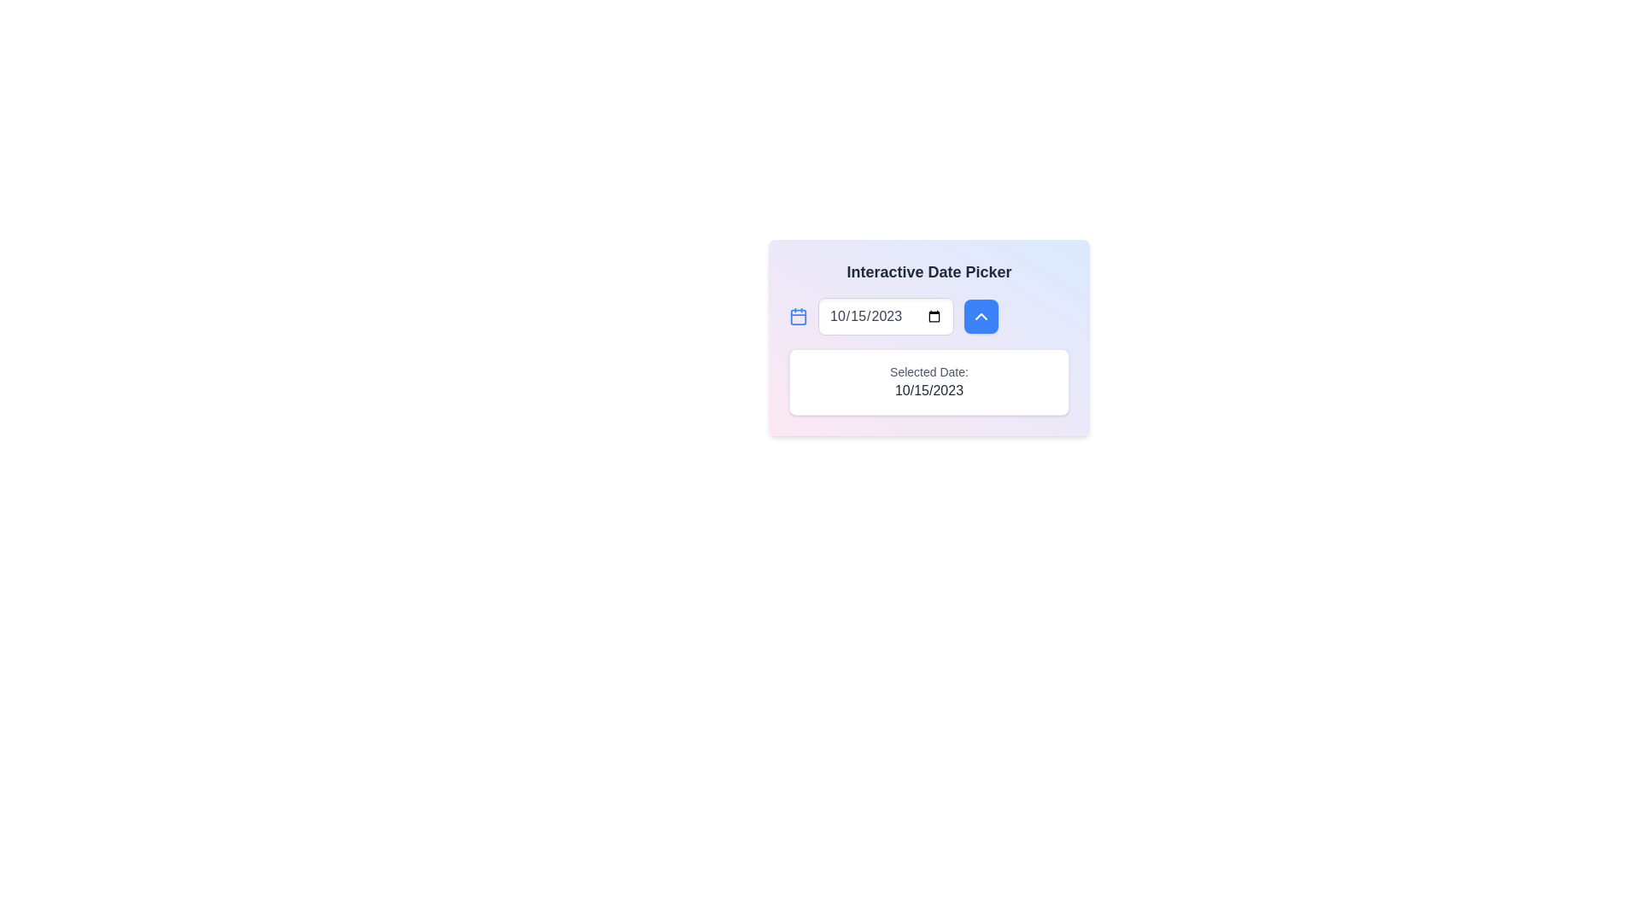 The height and width of the screenshot is (922, 1640). Describe the element at coordinates (981, 316) in the screenshot. I see `the upward navigation icon located within the blue button to the right of the date input box displaying '10/15/2023'` at that location.